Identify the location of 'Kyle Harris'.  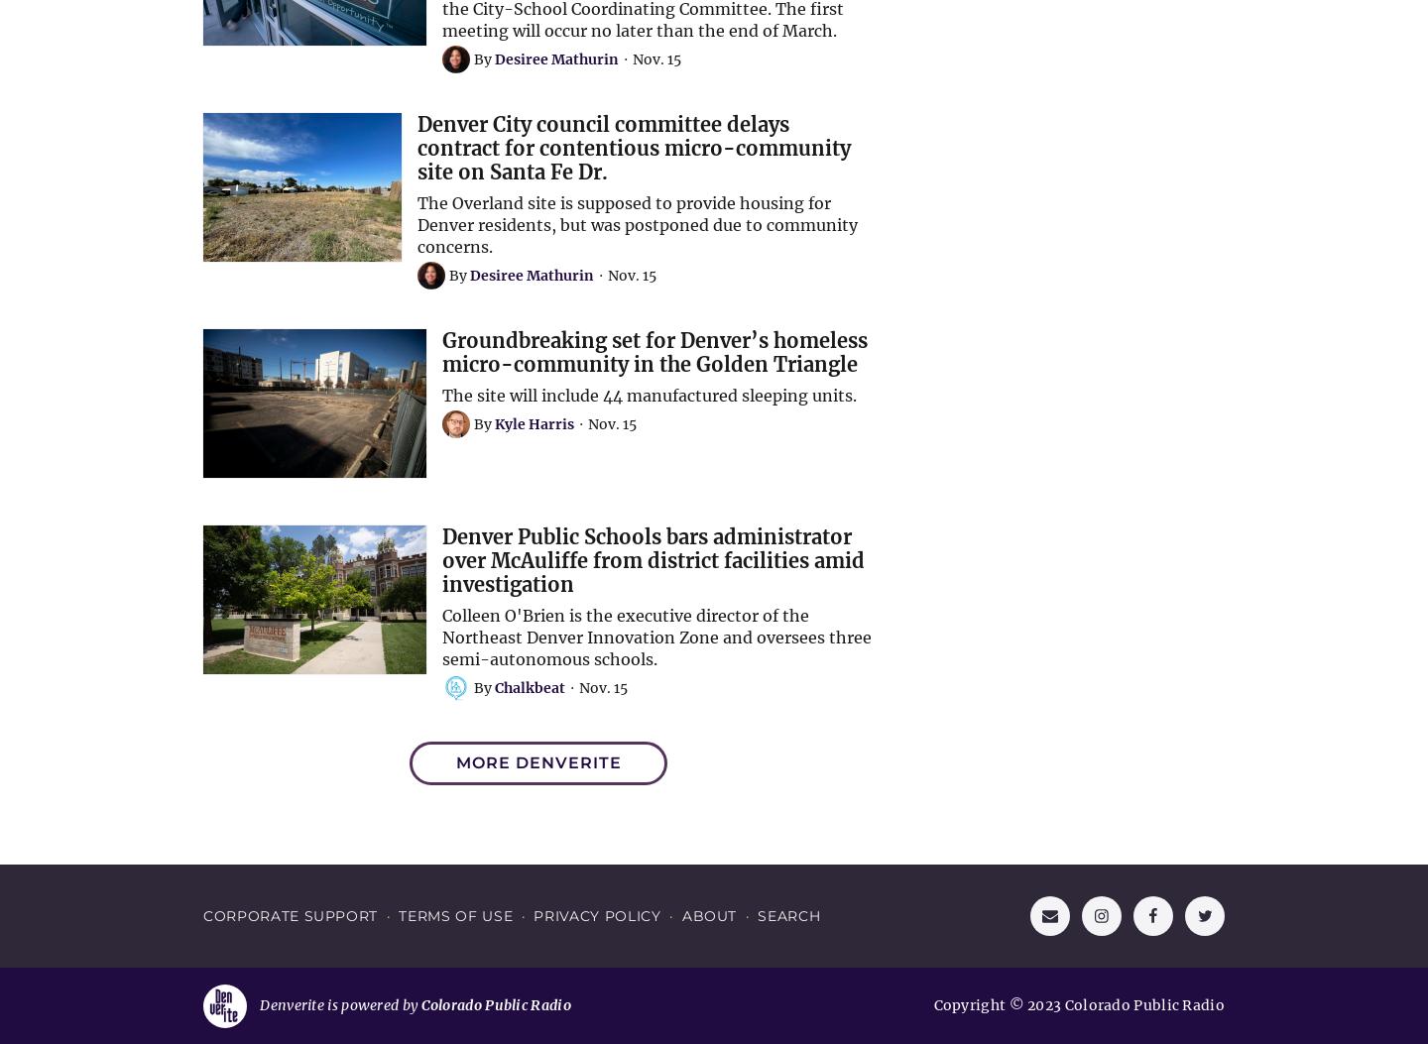
(533, 424).